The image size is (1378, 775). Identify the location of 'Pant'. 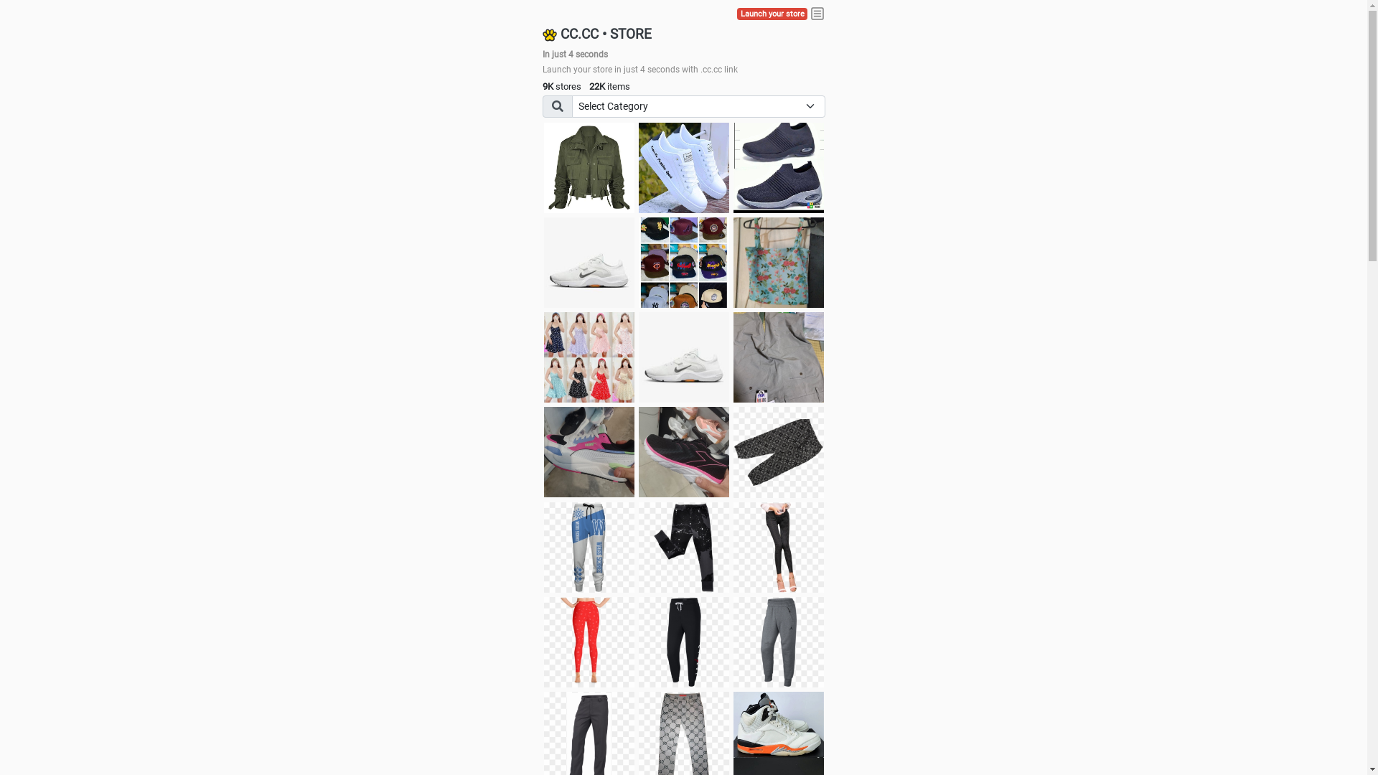
(683, 548).